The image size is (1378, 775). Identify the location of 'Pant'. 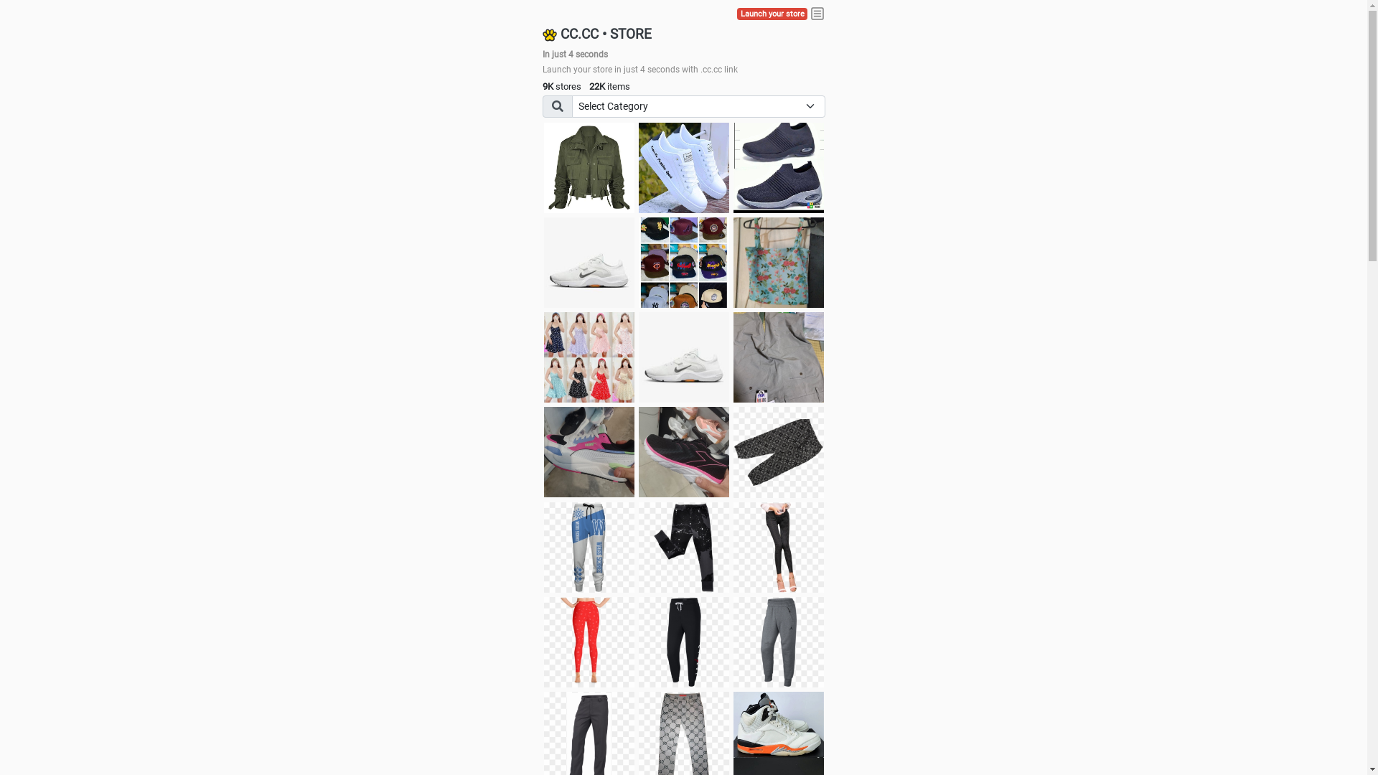
(683, 548).